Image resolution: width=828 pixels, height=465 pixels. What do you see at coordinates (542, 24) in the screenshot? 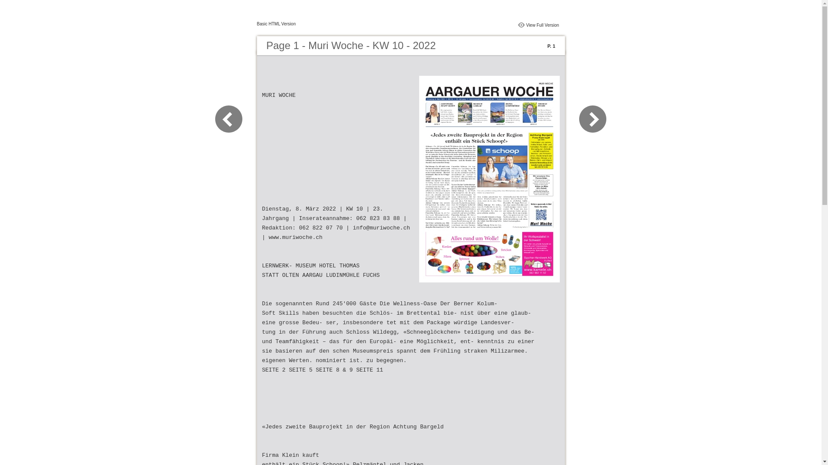
I see `'View Full Version'` at bounding box center [542, 24].